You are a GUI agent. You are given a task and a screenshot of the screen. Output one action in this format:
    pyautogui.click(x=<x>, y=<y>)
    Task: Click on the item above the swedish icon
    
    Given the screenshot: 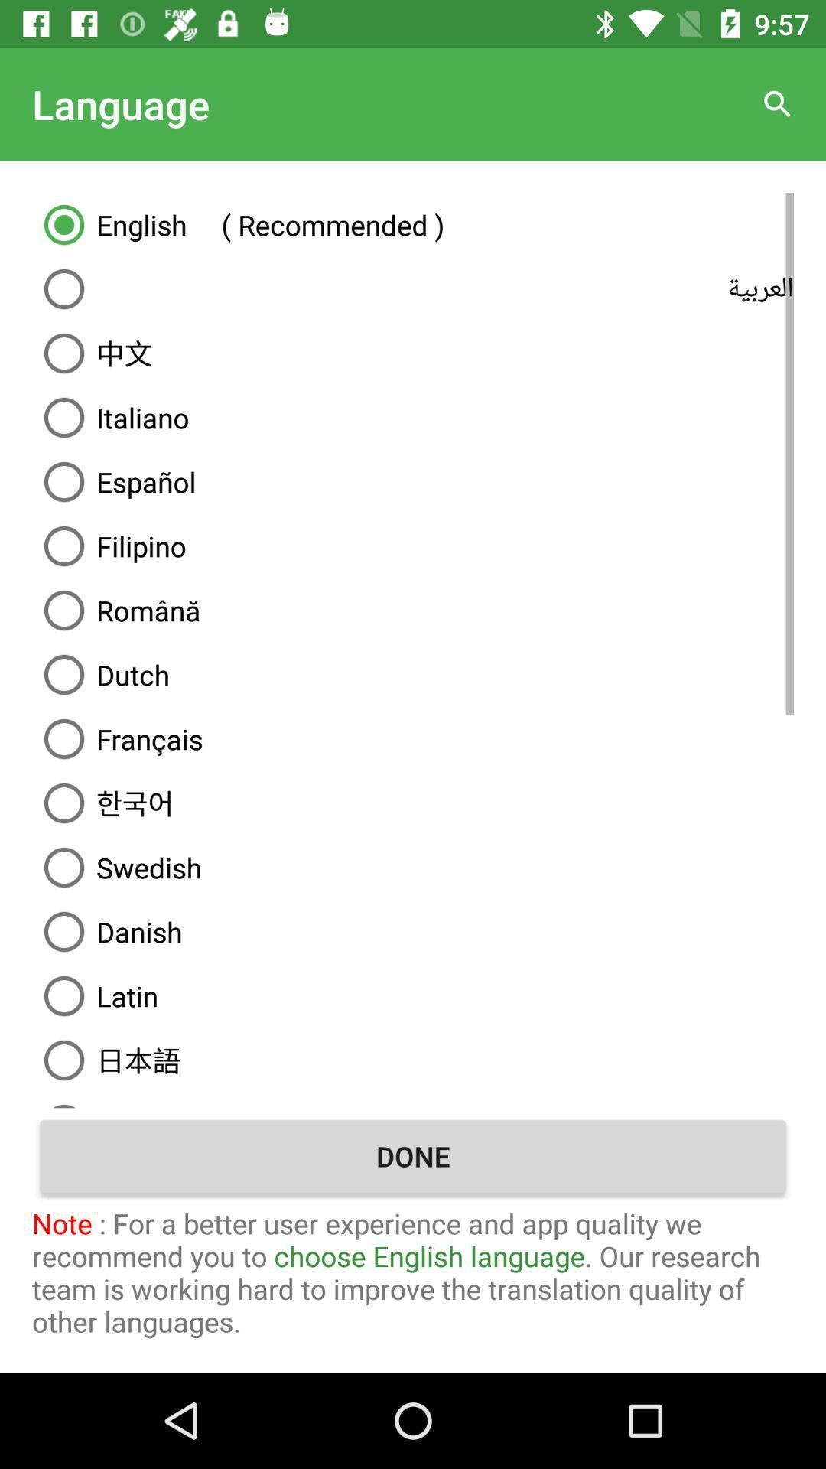 What is the action you would take?
    pyautogui.click(x=413, y=803)
    